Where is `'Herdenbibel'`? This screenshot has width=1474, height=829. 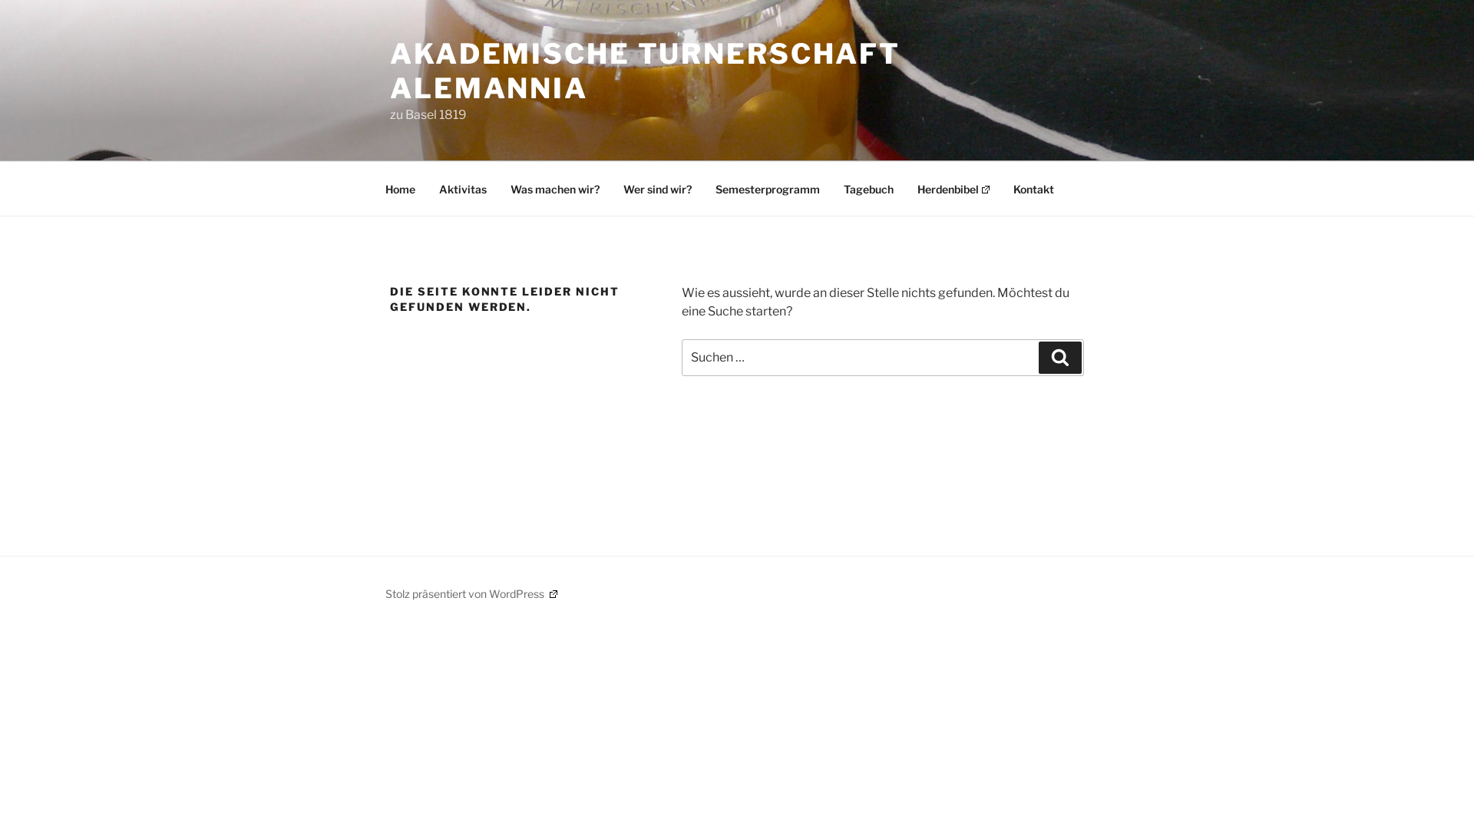
'Herdenbibel' is located at coordinates (953, 188).